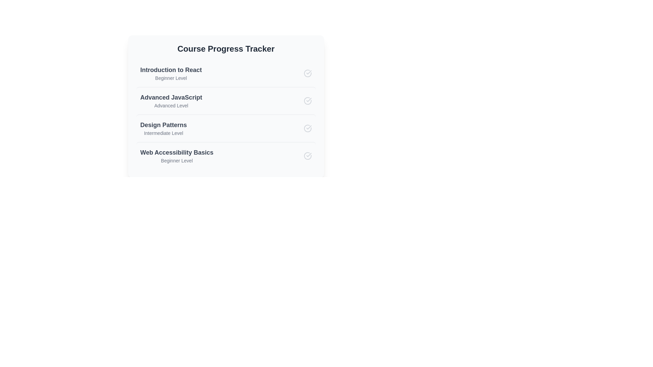 This screenshot has height=367, width=653. What do you see at coordinates (307, 101) in the screenshot?
I see `the circular SVG icon next to the text 'Advanced JavaScript' in the progress tracker` at bounding box center [307, 101].